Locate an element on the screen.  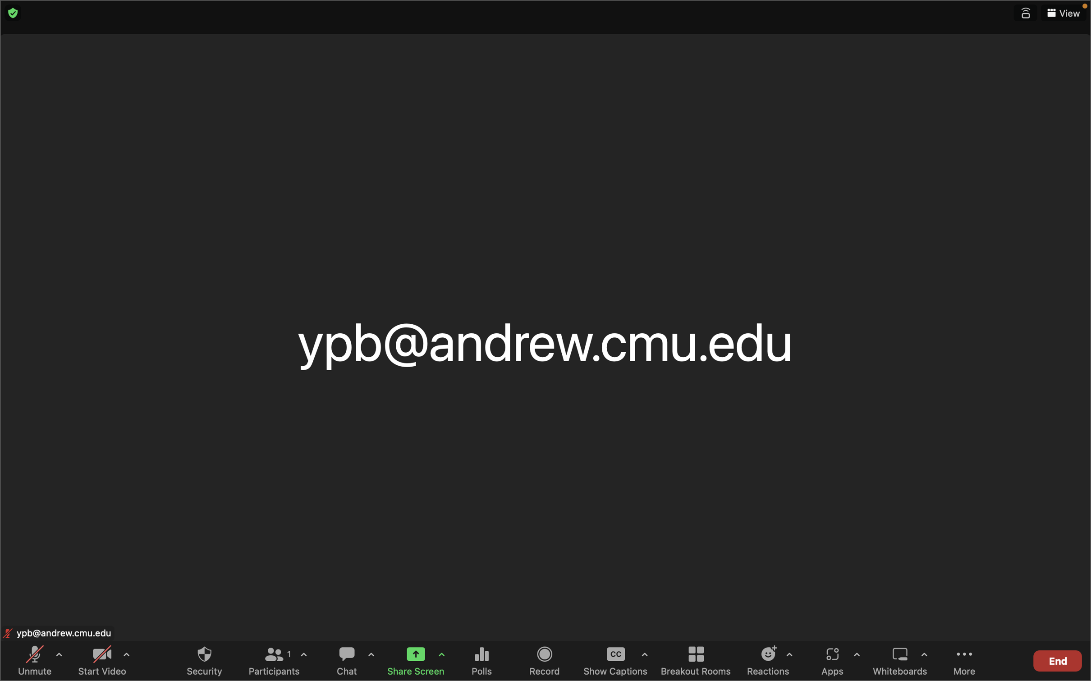
the video options is located at coordinates (125, 658).